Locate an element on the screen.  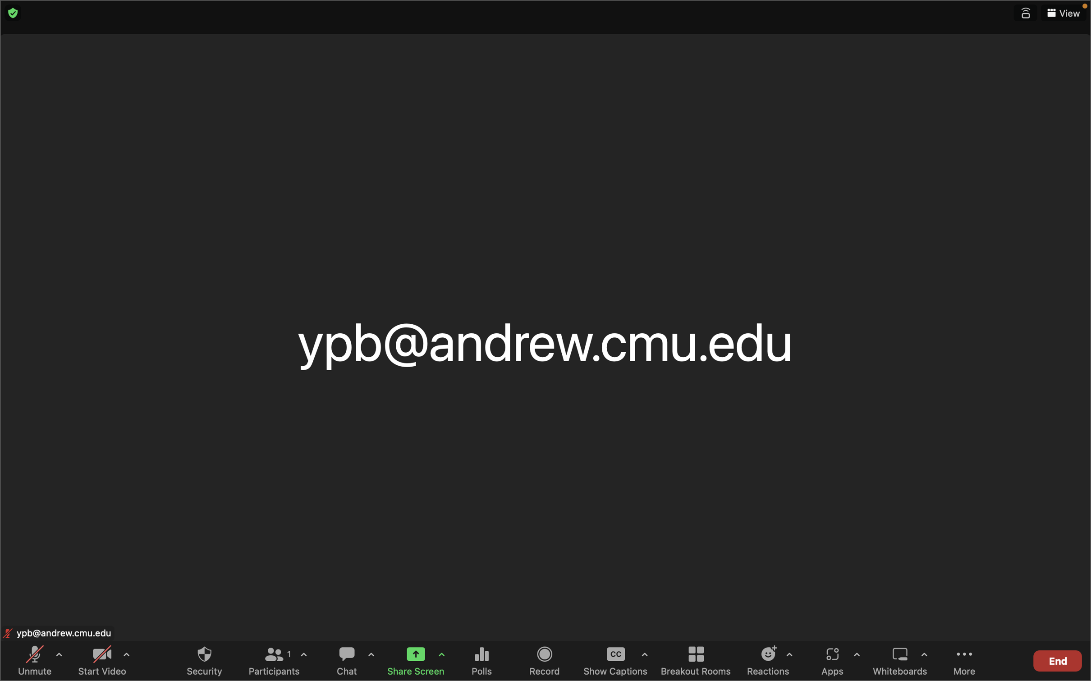
the video options is located at coordinates (125, 658).